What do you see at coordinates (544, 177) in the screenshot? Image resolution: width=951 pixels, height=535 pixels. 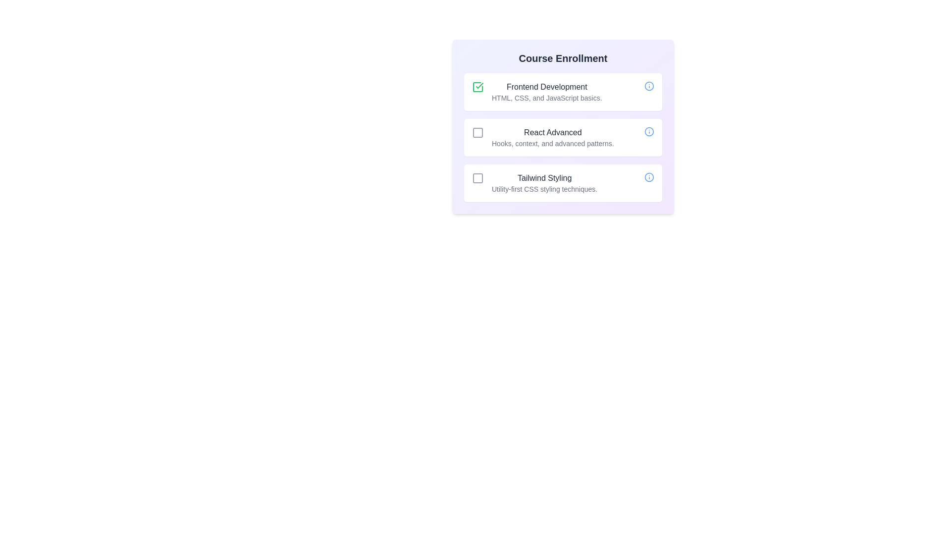 I see `the text element displaying 'Tailwind Styling', which is positioned as the title in the third item of a vertical list of course options` at bounding box center [544, 177].